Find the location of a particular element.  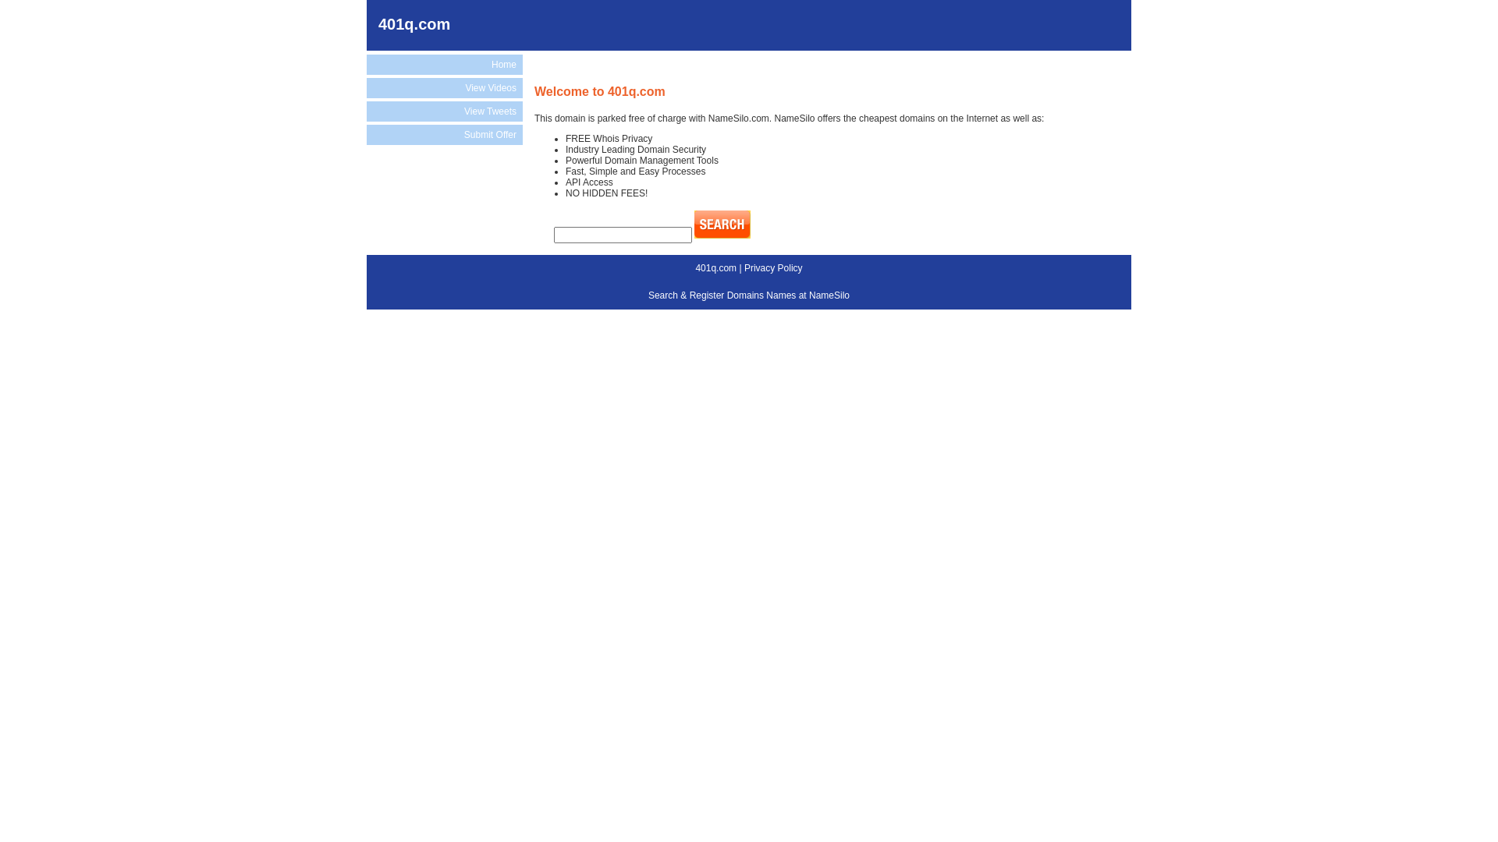

'Submit Offer' is located at coordinates (444, 134).